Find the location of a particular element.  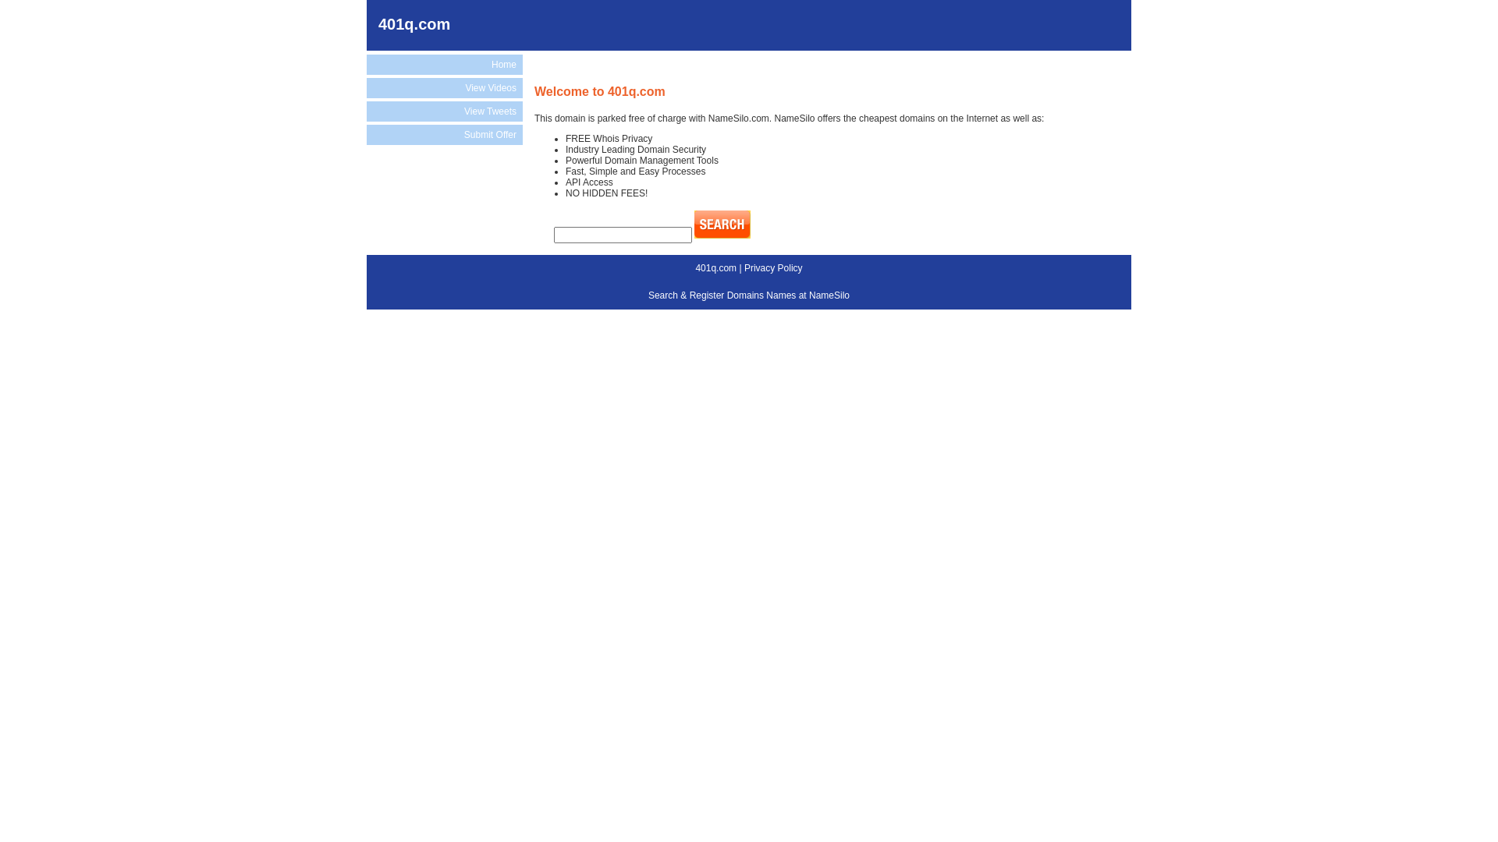

'Submit Offer' is located at coordinates (444, 134).